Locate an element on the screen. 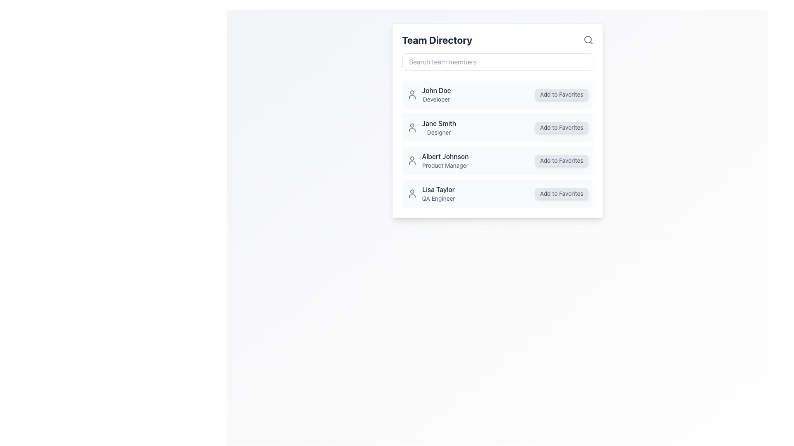 This screenshot has height=446, width=794. the first List Item with Icon and Text in the 'Team Directory' section, which displays 'John Doe' and 'Developer' is located at coordinates (428, 94).